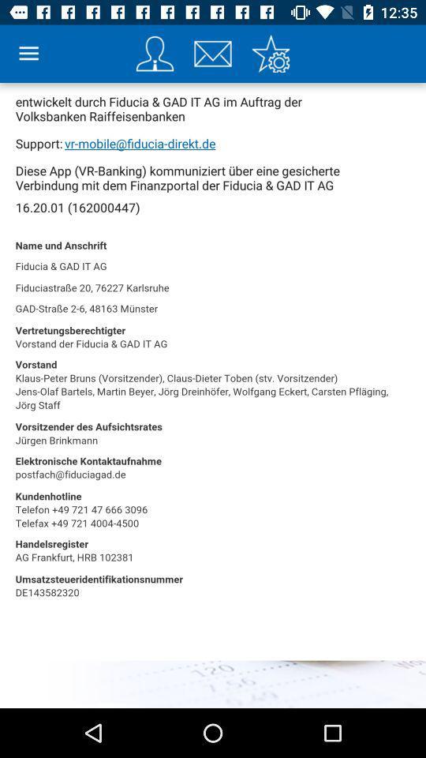  Describe the element at coordinates (155, 54) in the screenshot. I see `contest` at that location.